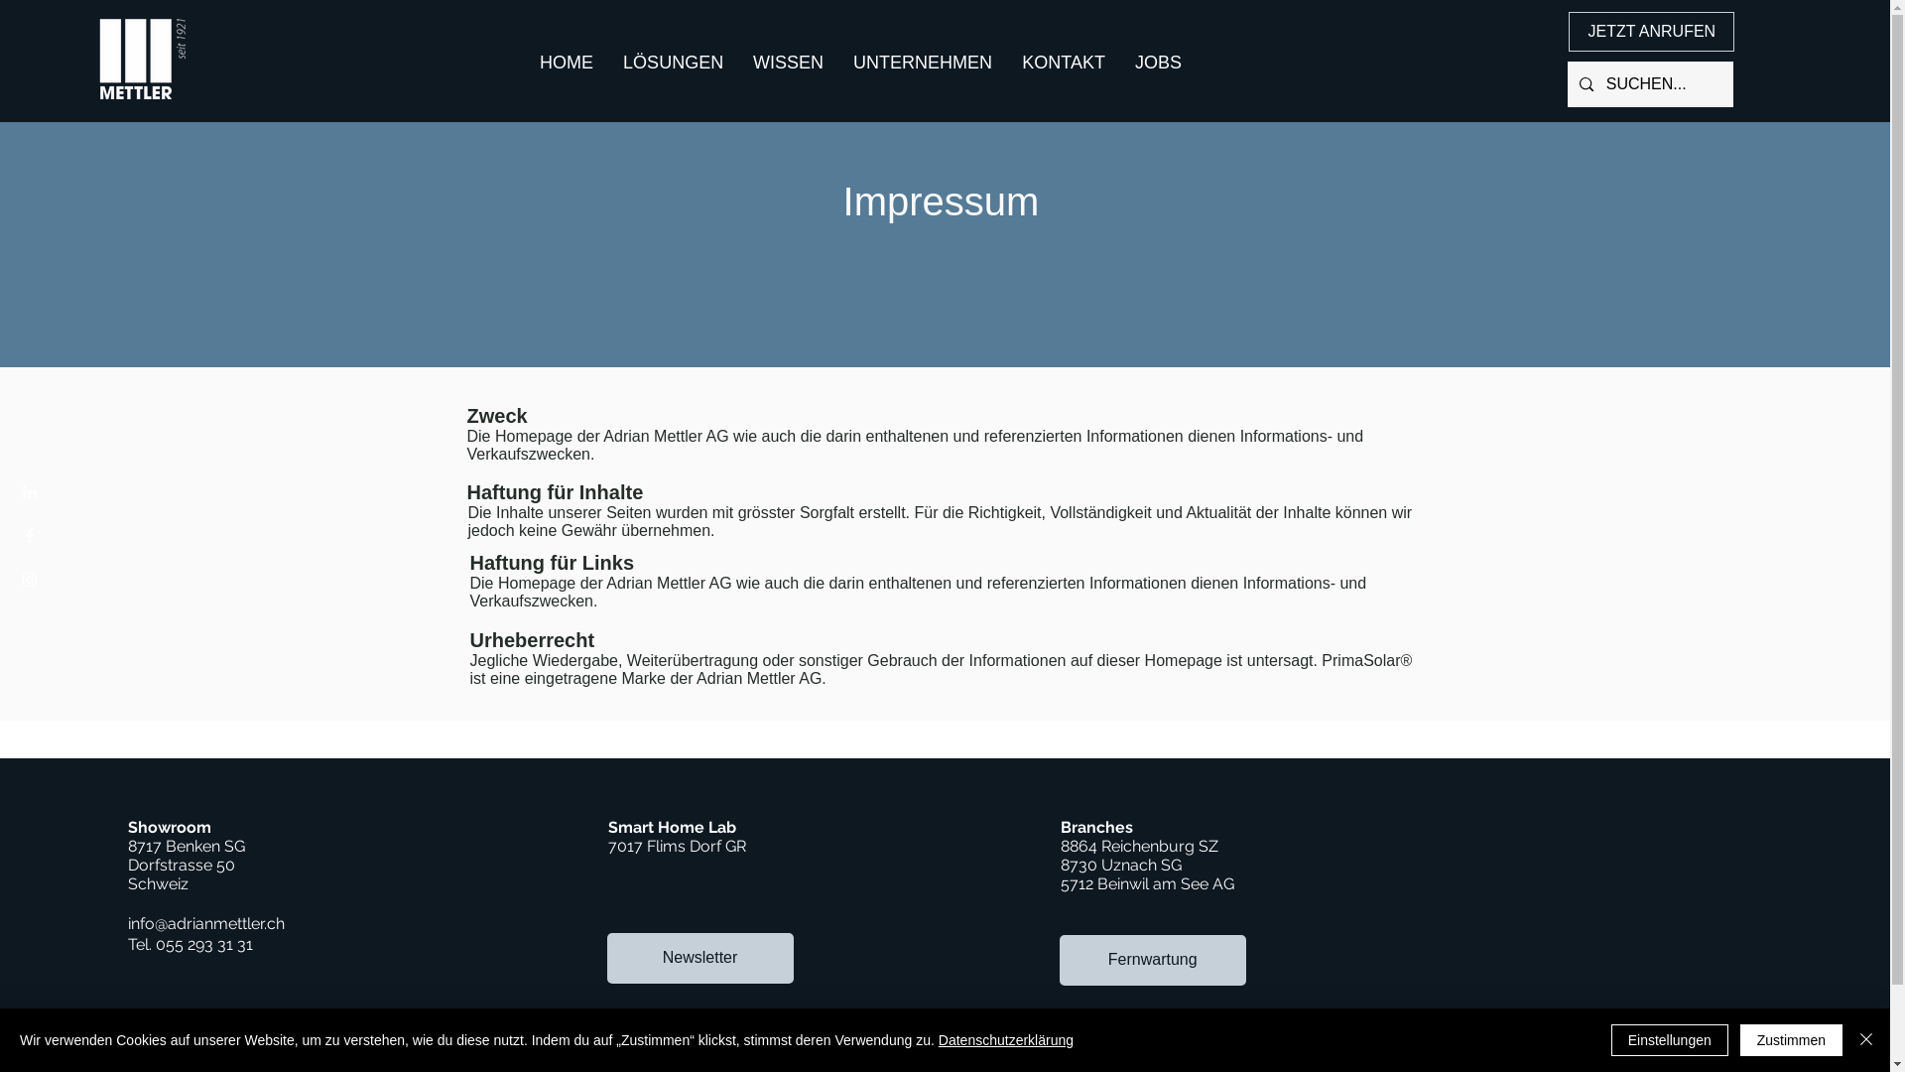 The image size is (1905, 1072). What do you see at coordinates (1152, 959) in the screenshot?
I see `'Fernwartung'` at bounding box center [1152, 959].